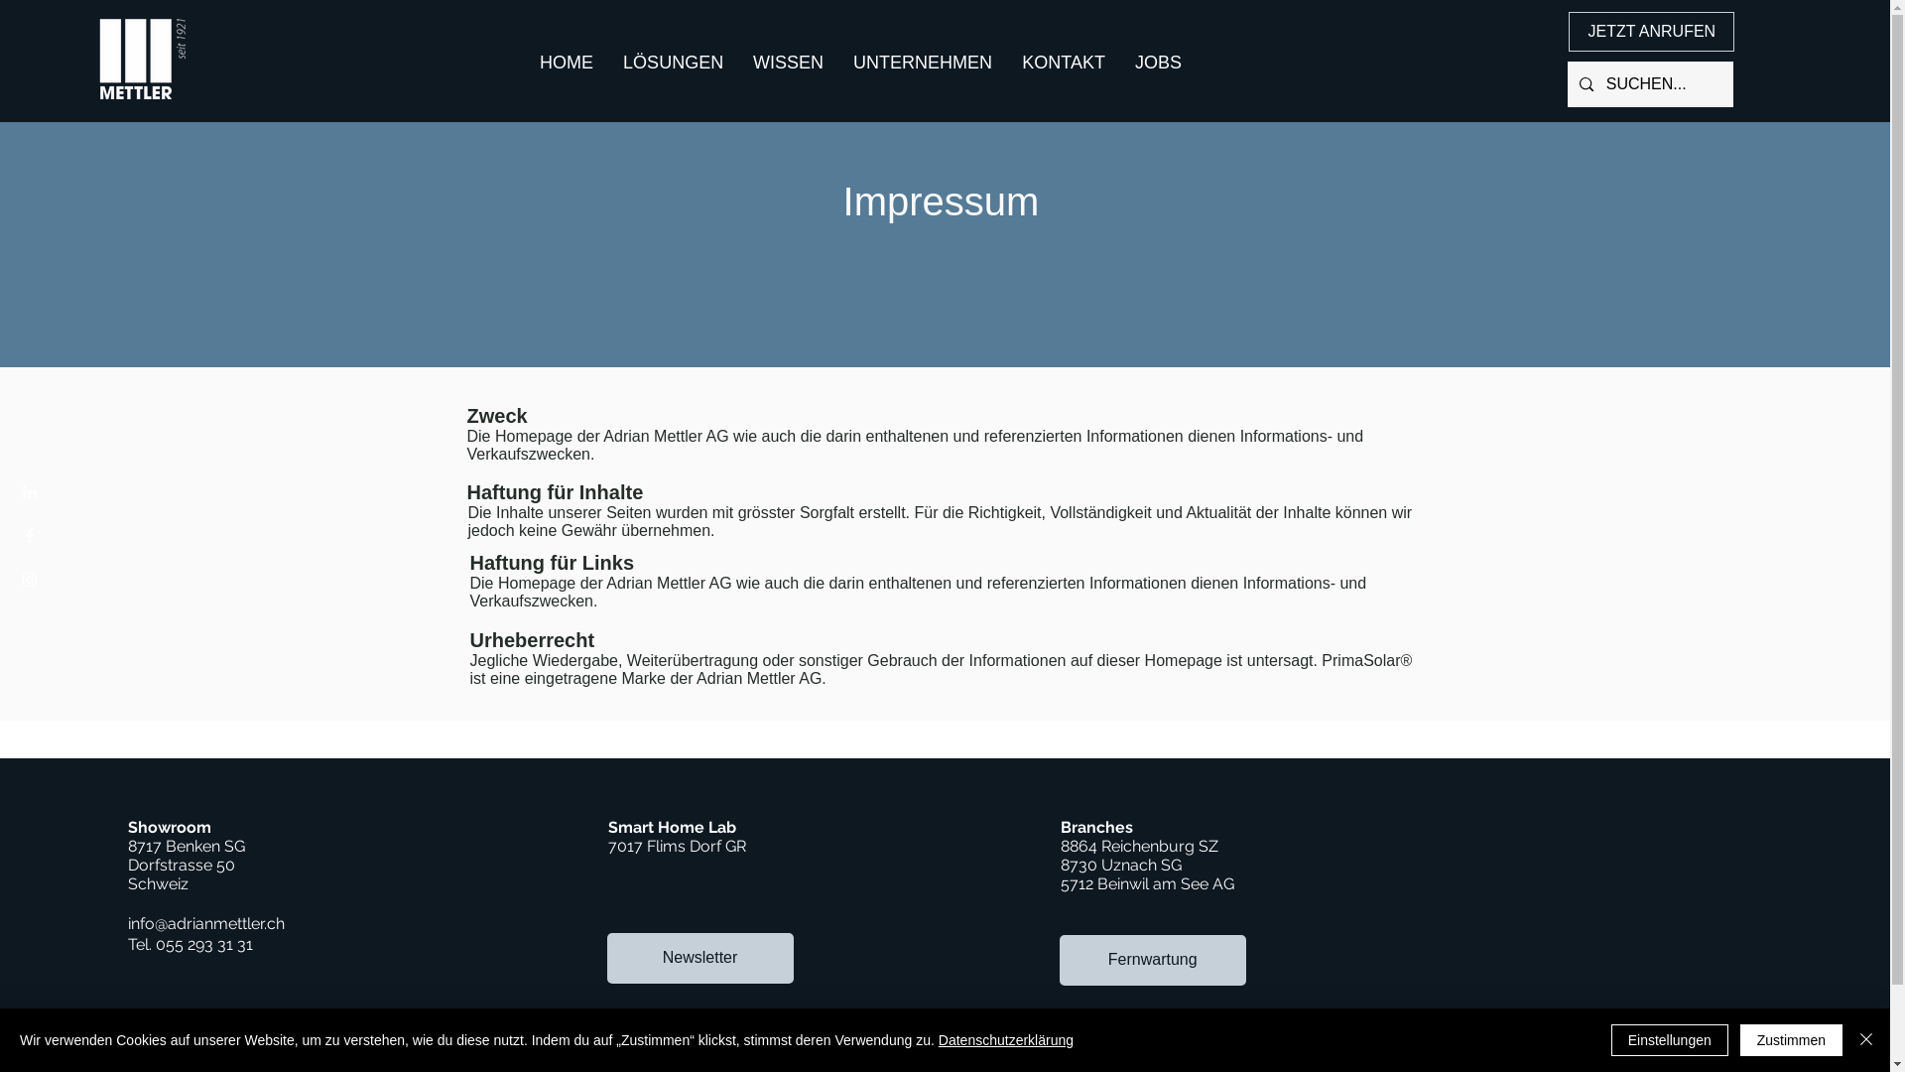 The image size is (1905, 1072). What do you see at coordinates (1152, 959) in the screenshot?
I see `'Fernwartung'` at bounding box center [1152, 959].